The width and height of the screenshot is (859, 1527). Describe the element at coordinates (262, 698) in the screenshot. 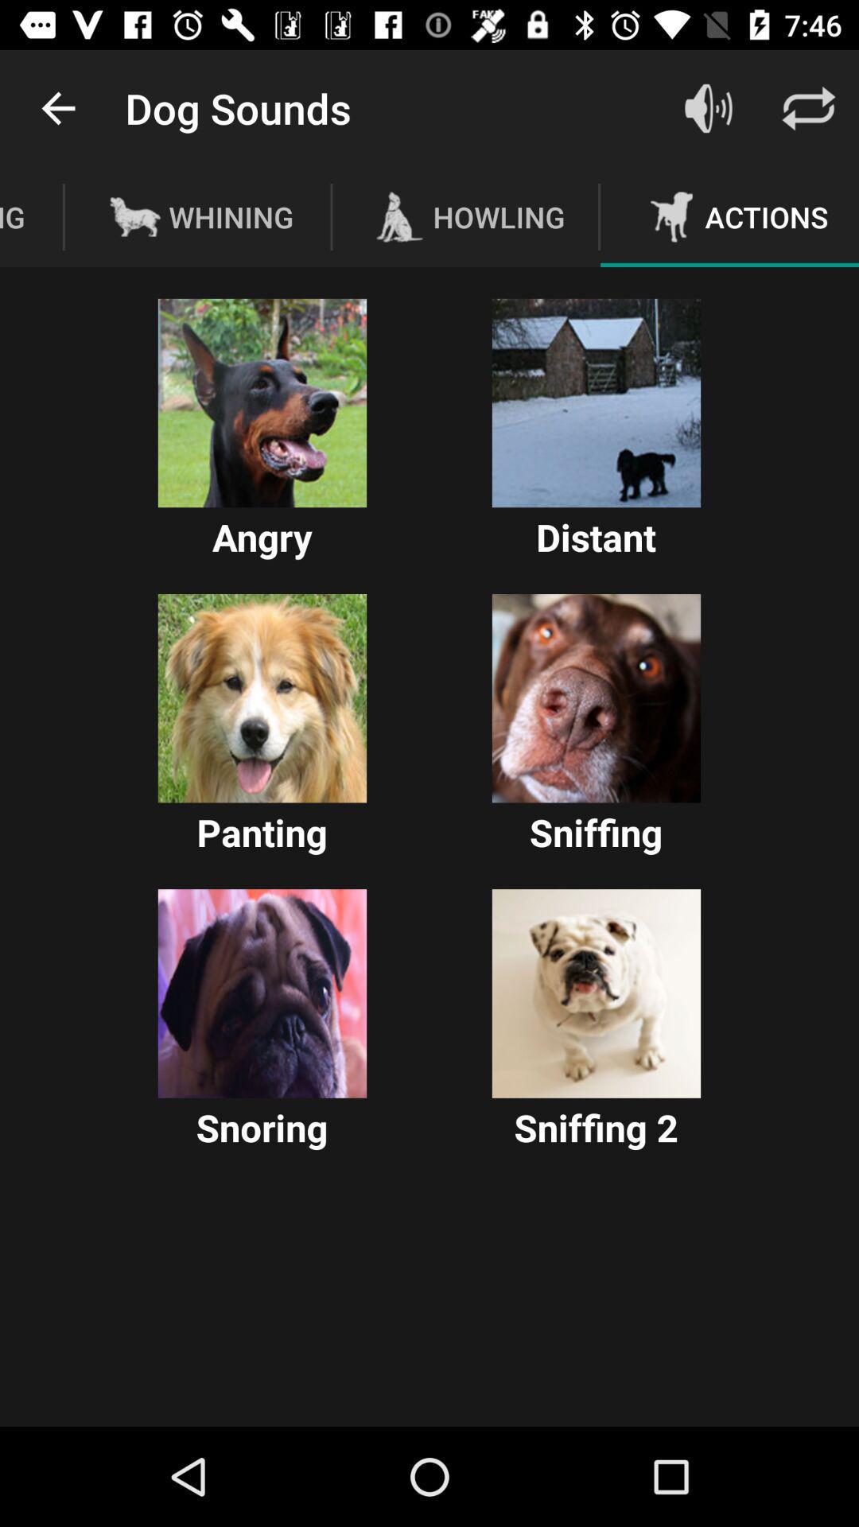

I see `panting image` at that location.